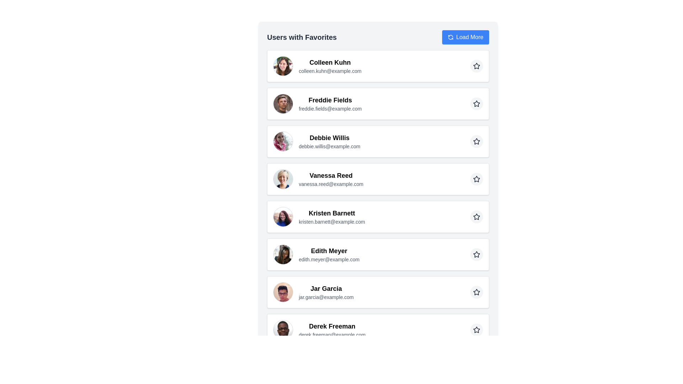 The width and height of the screenshot is (683, 384). I want to click on text content displayed in the Text display element showing the name 'Derek Freeman' and the email 'derek.freeman@example.com', which is positioned as the last entry in a card layout, so click(332, 330).